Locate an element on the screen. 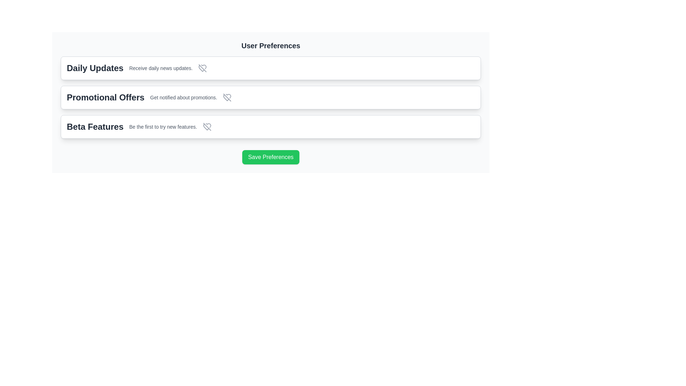 Image resolution: width=686 pixels, height=386 pixels. the text label that reads 'Be the first to try new features.', which is styled in gray and positioned next to the 'Beta Features' label is located at coordinates (163, 126).